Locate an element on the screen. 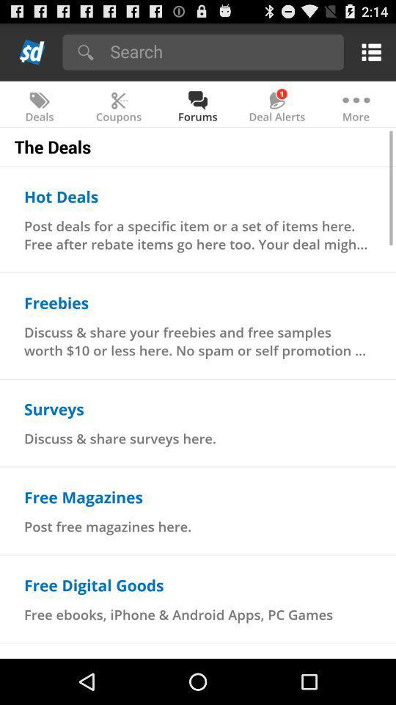 This screenshot has width=396, height=705. the post deals for app is located at coordinates (198, 234).